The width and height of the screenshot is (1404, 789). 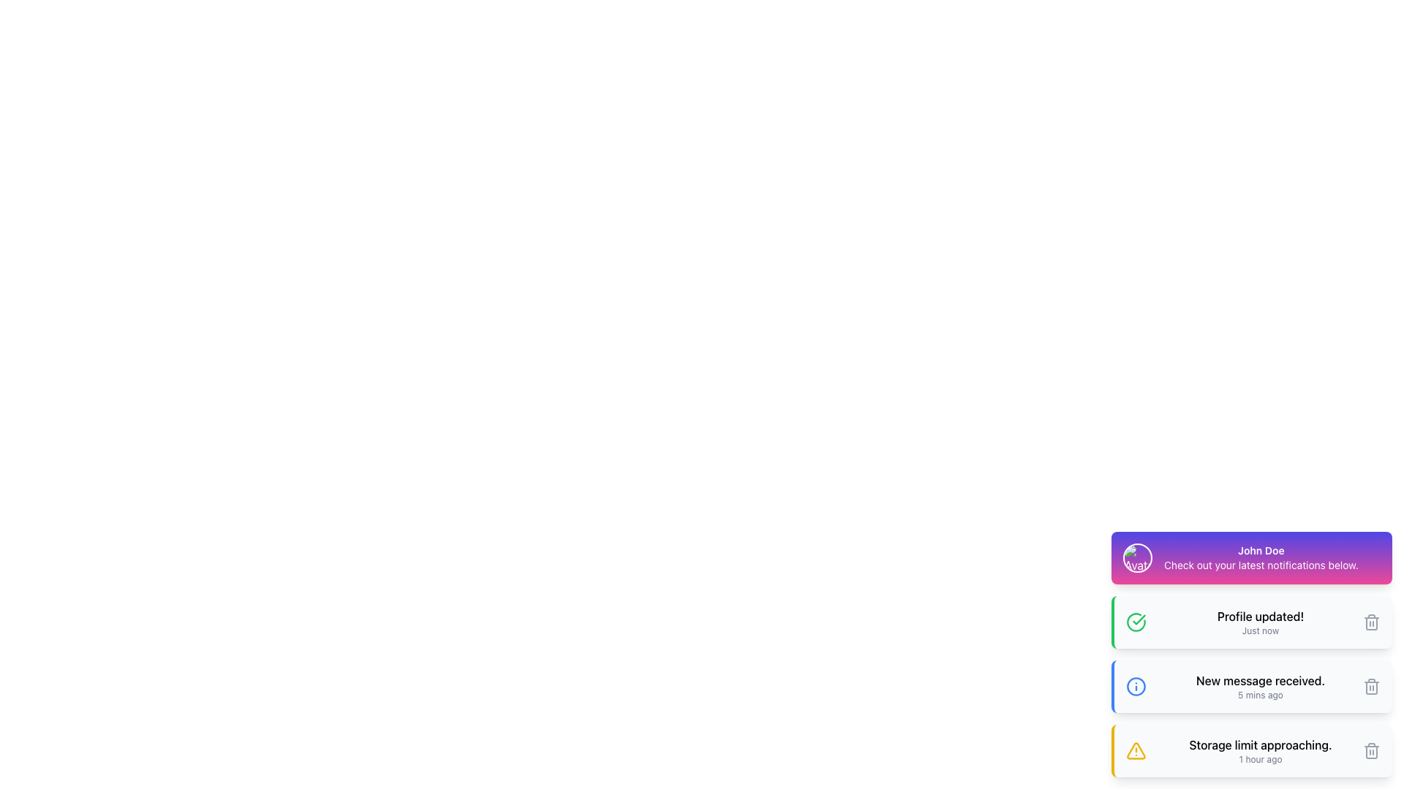 What do you see at coordinates (1136, 751) in the screenshot?
I see `the triangular warning icon with a yellow border located to the left of the text 'Storage limit approaching.' in the notification box at the bottom of the stack of notifications` at bounding box center [1136, 751].